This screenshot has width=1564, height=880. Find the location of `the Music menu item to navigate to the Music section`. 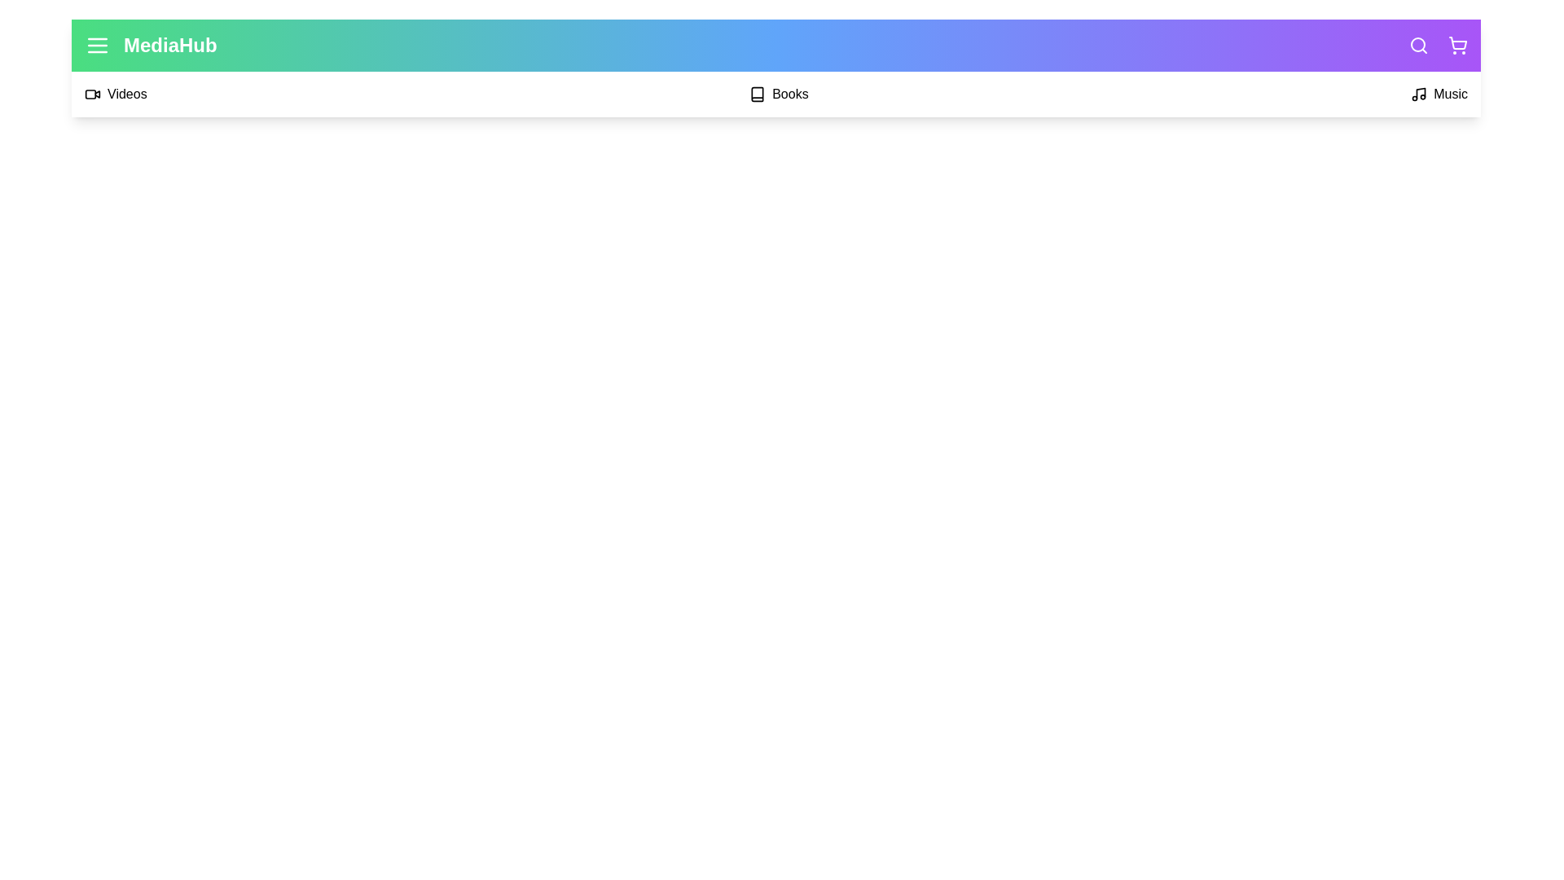

the Music menu item to navigate to the Music section is located at coordinates (1439, 94).